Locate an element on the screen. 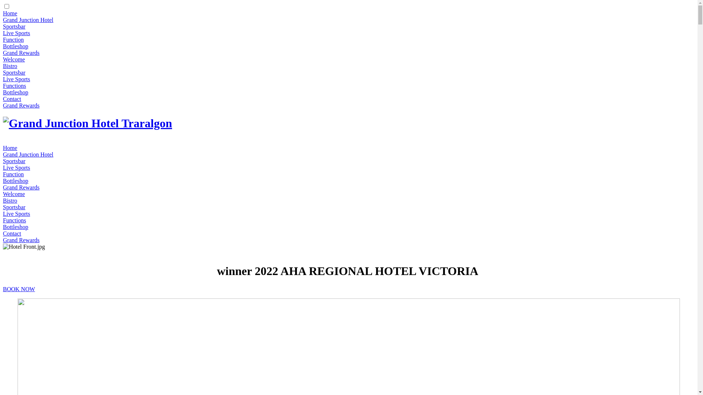  'Live Sports' is located at coordinates (16, 79).